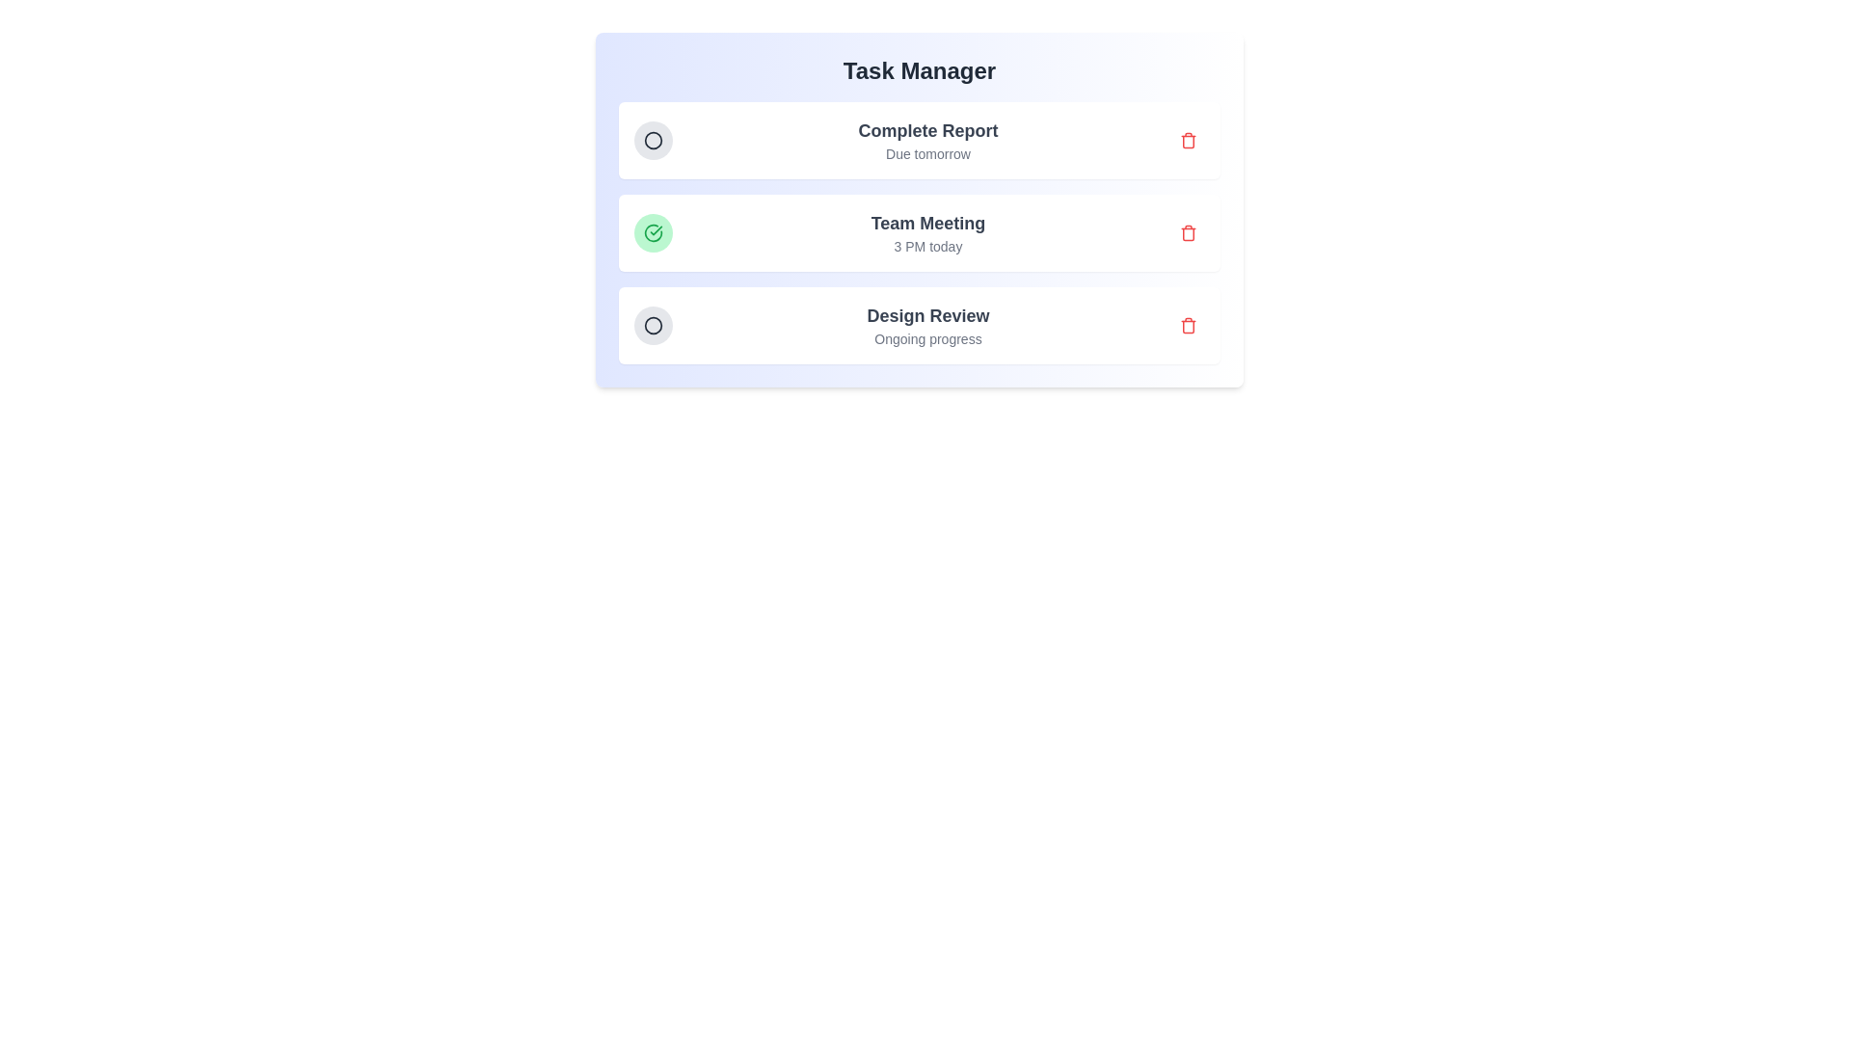  What do you see at coordinates (653, 232) in the screenshot?
I see `the circular green button with a white checkmark to indicate completion, located to the left of the 'Team Meeting' text in the second row of the task manager interface` at bounding box center [653, 232].